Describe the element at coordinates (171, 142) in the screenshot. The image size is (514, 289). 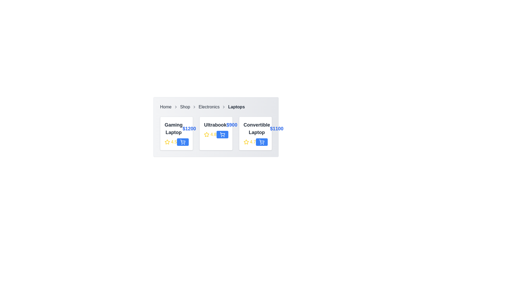
I see `the rating value of the product displayed as '4.5' with a star icon, located below the 'Gaming Laptop' label and $1200 price indicator in the first column` at that location.